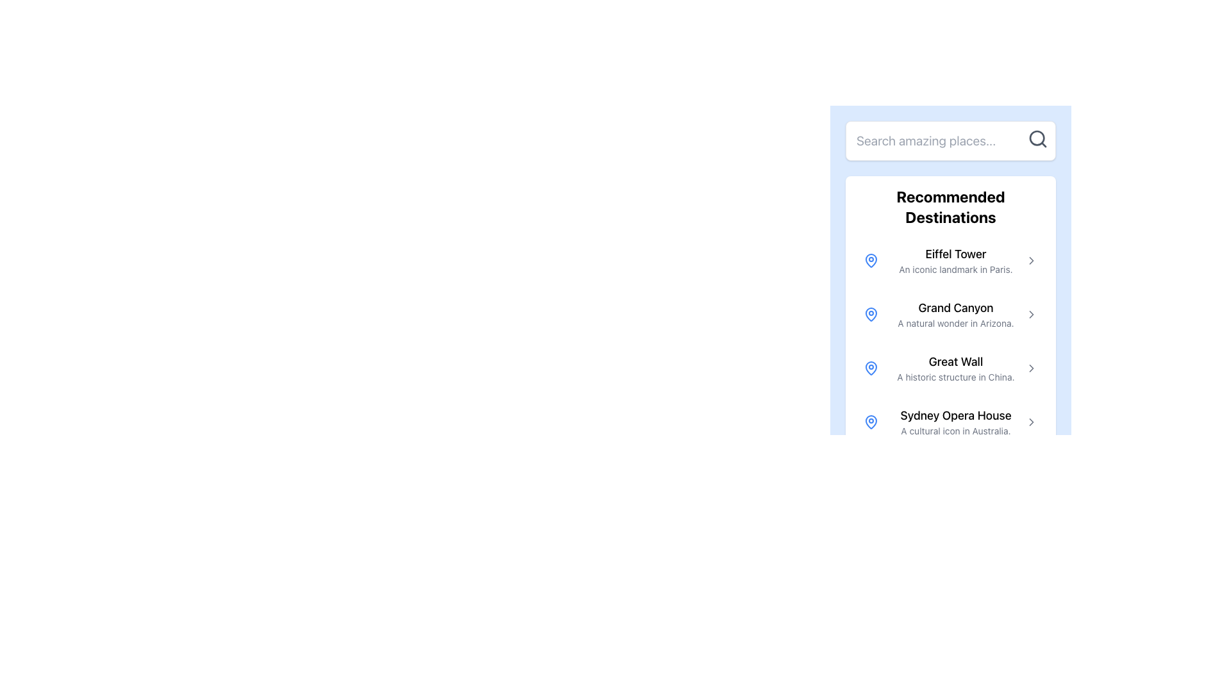 The height and width of the screenshot is (692, 1231). What do you see at coordinates (951, 368) in the screenshot?
I see `the third list item in the 'Recommended Destinations' section` at bounding box center [951, 368].